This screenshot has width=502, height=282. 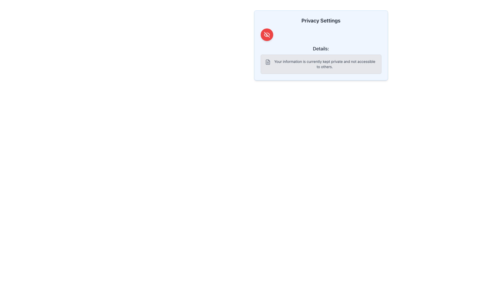 I want to click on the icon button located within the circular button near the top left corner of the 'Privacy Settings' card, so click(x=267, y=34).